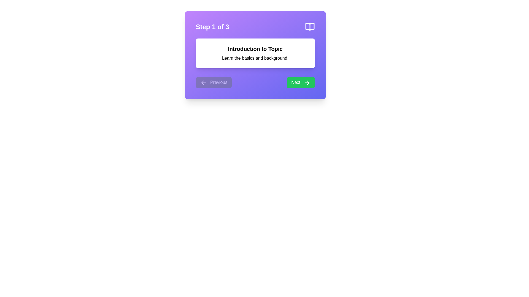 This screenshot has width=529, height=297. What do you see at coordinates (300, 82) in the screenshot?
I see `the 'Next' button to proceed to the next step` at bounding box center [300, 82].